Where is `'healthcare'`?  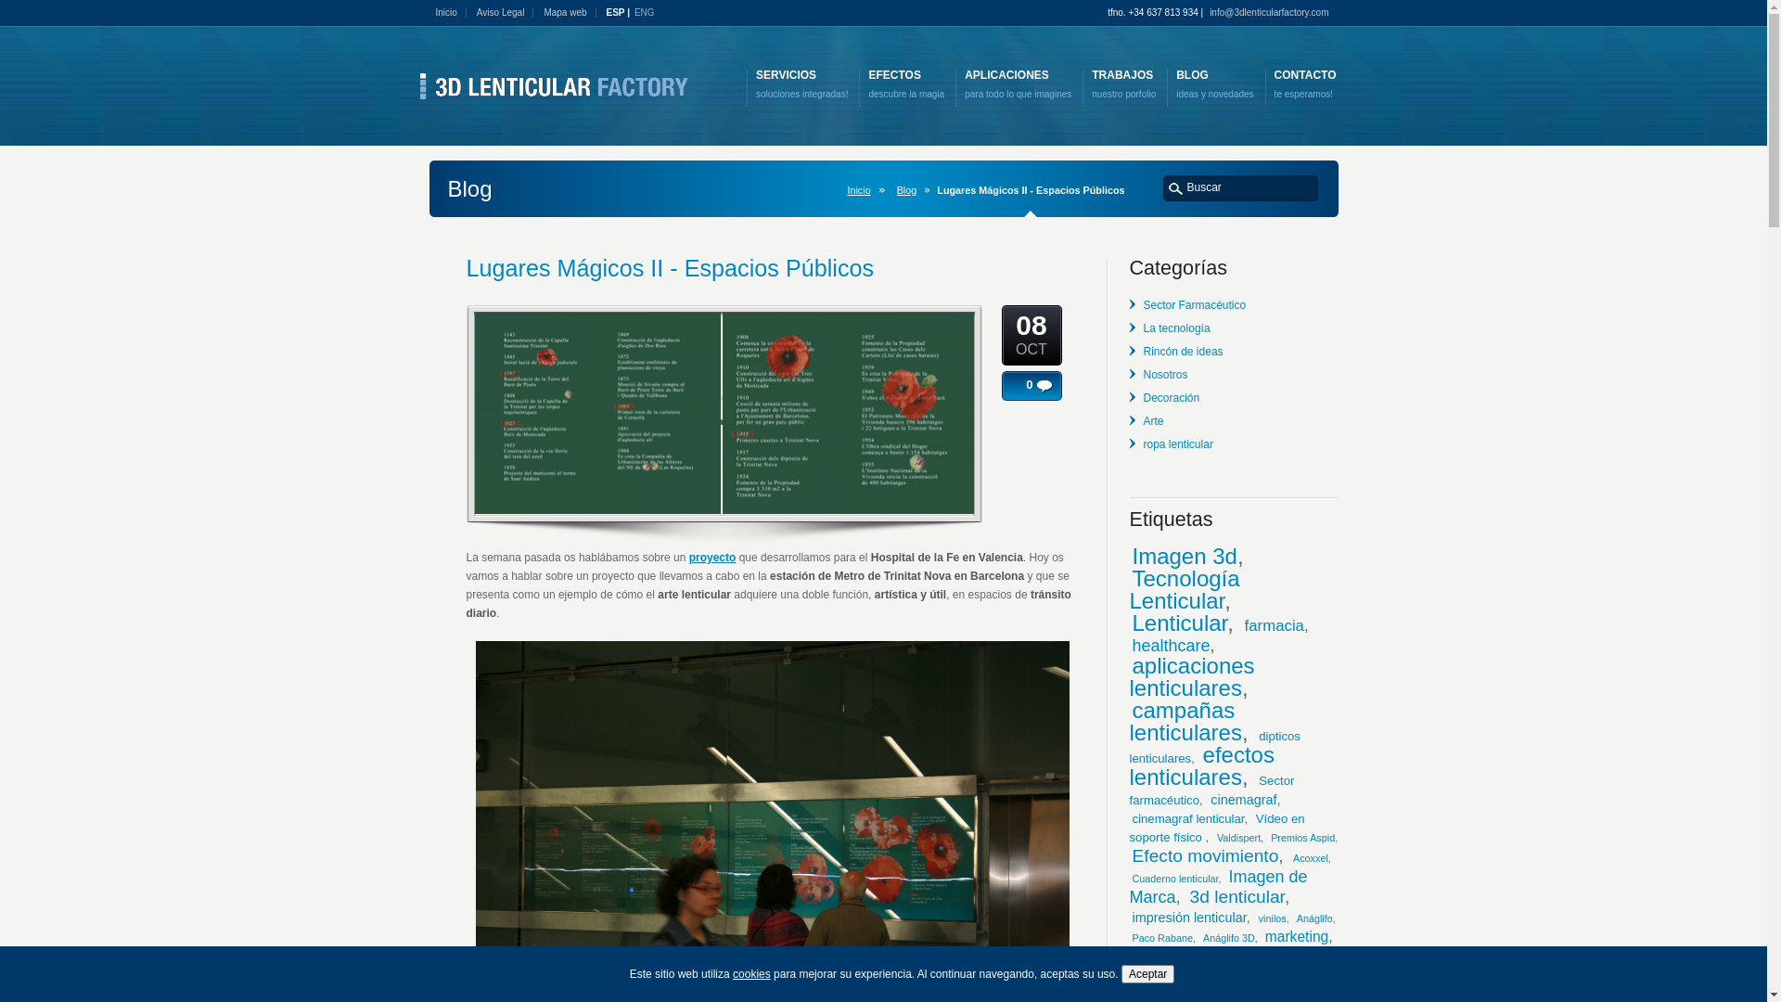 'healthcare' is located at coordinates (1170, 644).